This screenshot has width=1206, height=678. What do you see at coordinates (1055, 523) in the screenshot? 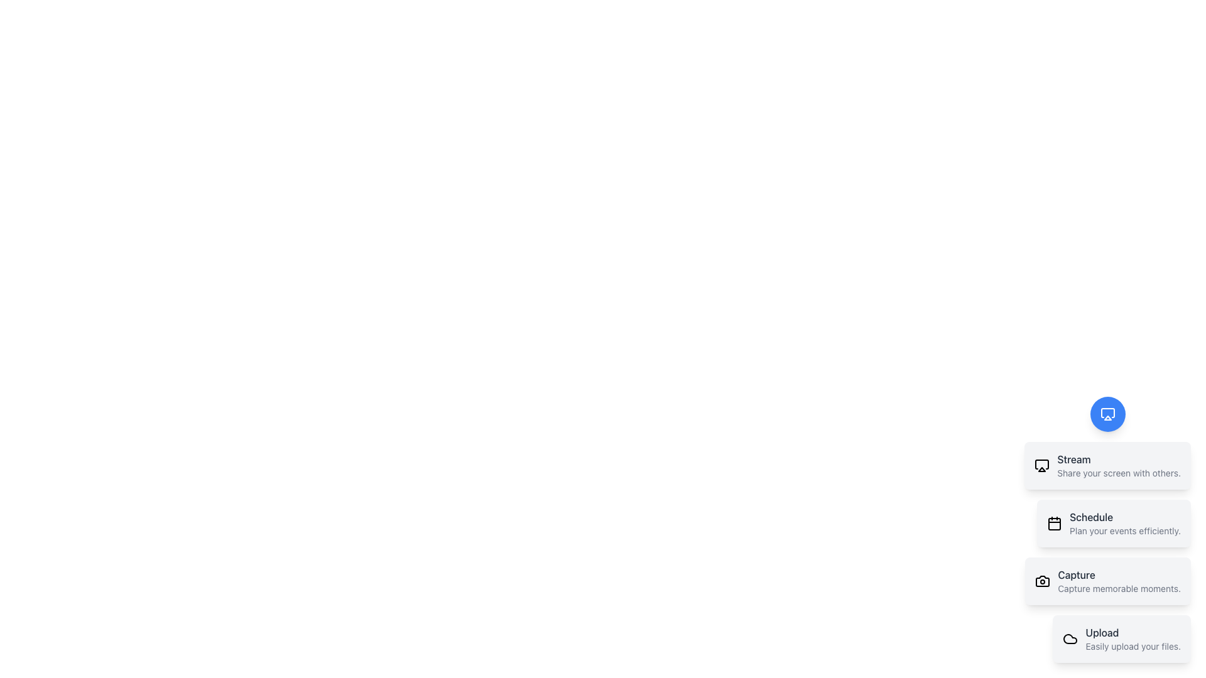
I see `the calendar icon located on the left side of the 'Schedule' section, which is characterized by its box shape with rounded edges and a black and white calendar layout inside` at bounding box center [1055, 523].